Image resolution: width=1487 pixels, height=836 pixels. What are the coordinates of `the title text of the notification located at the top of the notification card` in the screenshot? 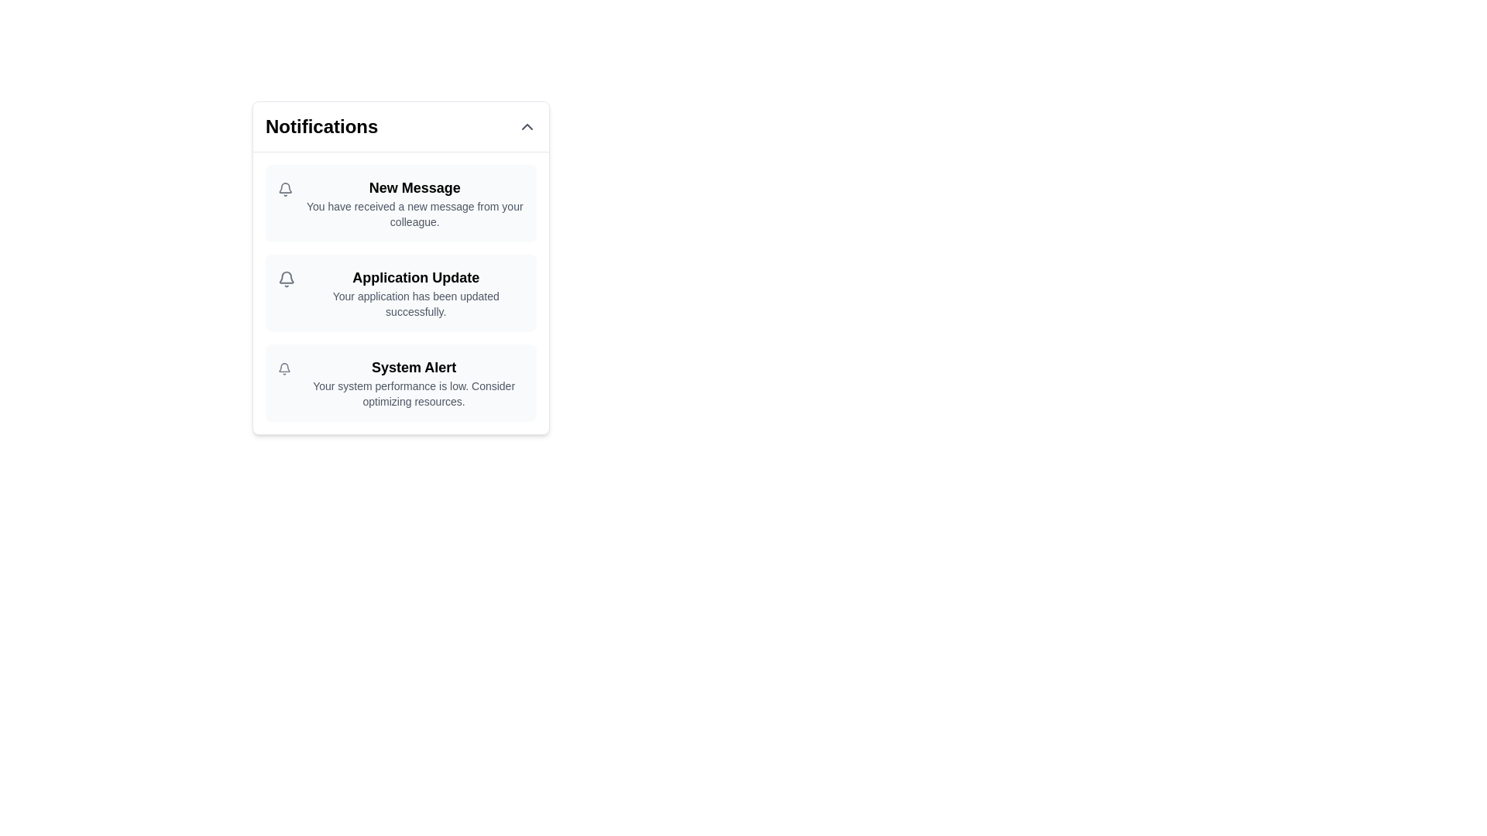 It's located at (414, 187).